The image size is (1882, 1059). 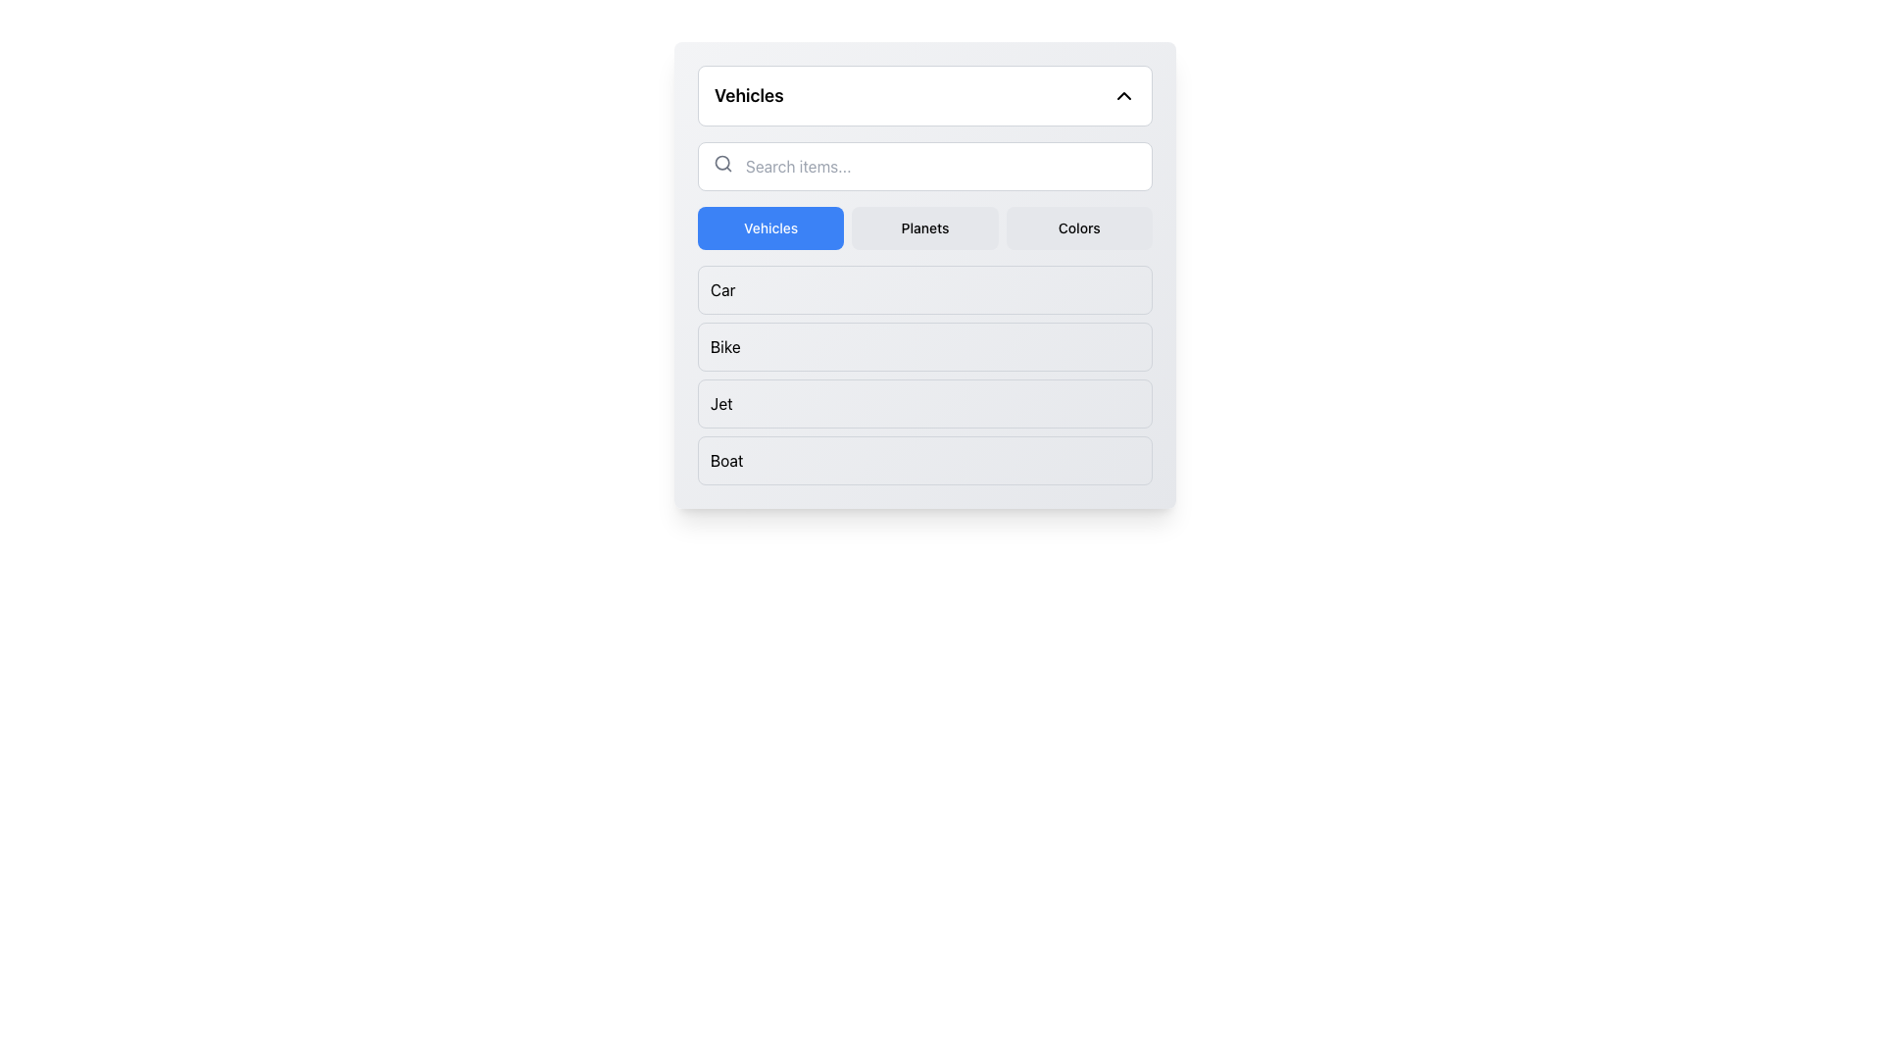 I want to click on the 'Boat' button, which is the last item in the vertical list of options titled 'Vehicles', so click(x=924, y=461).